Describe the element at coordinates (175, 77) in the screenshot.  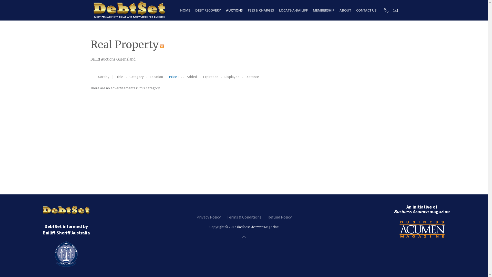
I see `'Price'` at that location.